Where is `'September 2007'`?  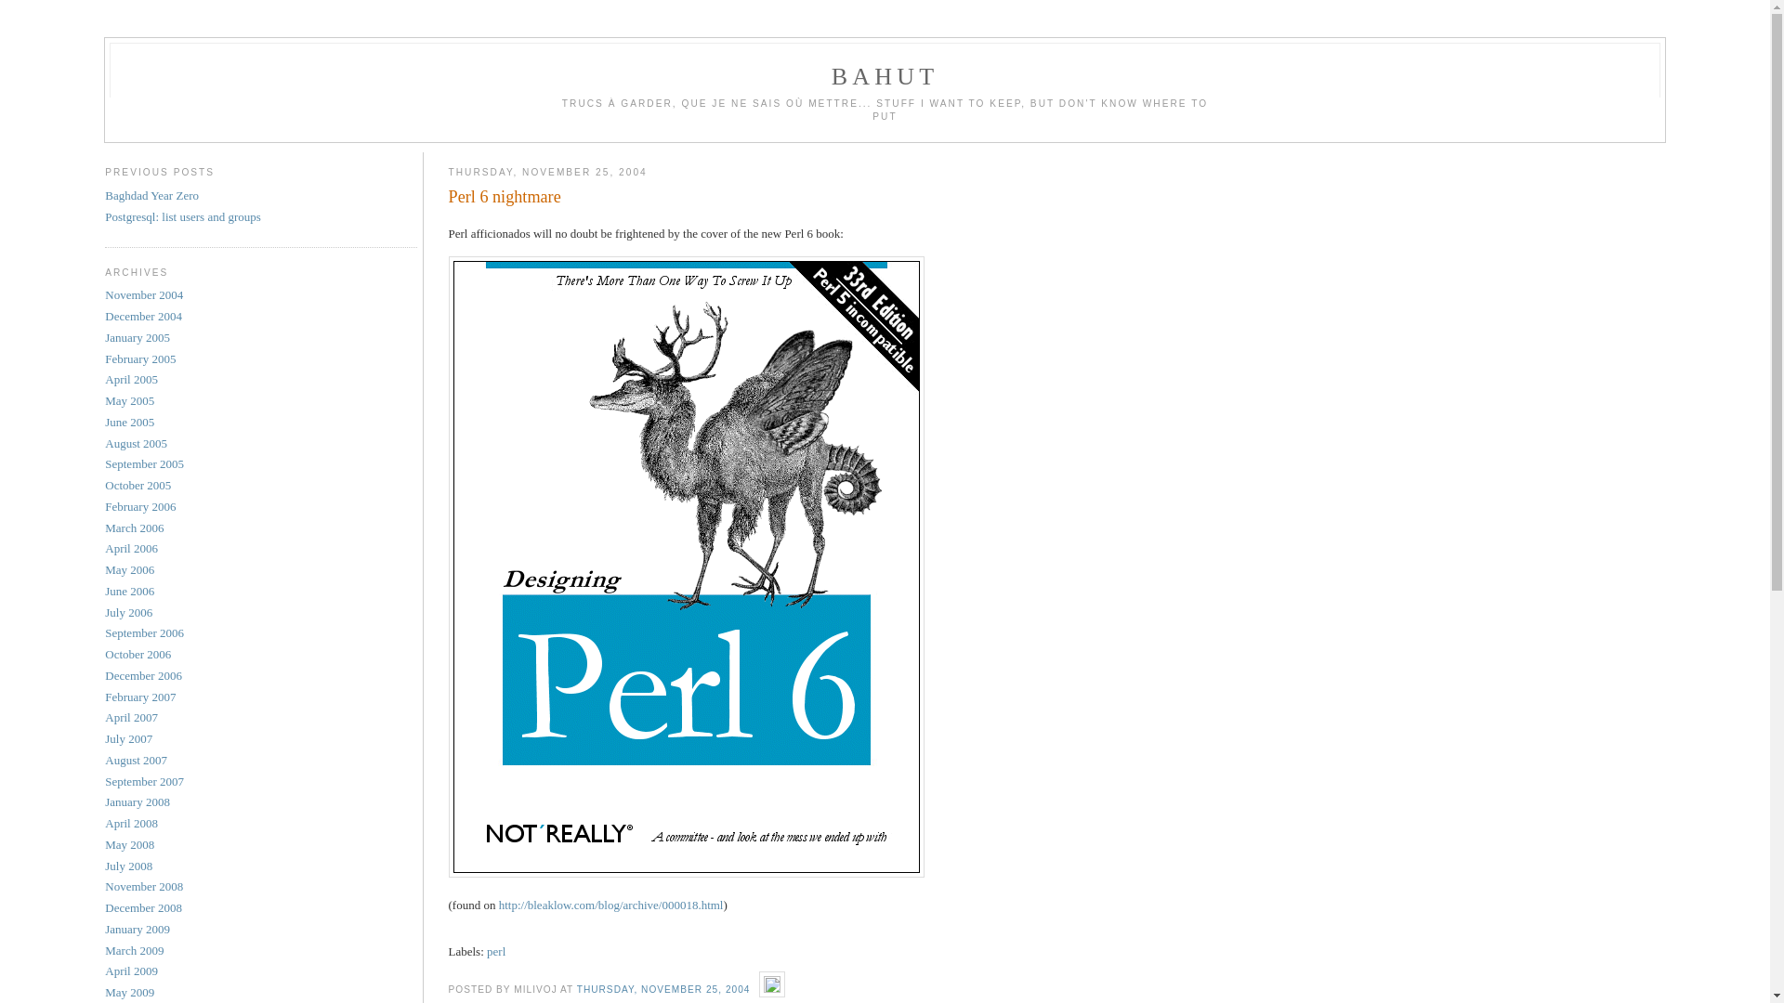 'September 2007' is located at coordinates (143, 781).